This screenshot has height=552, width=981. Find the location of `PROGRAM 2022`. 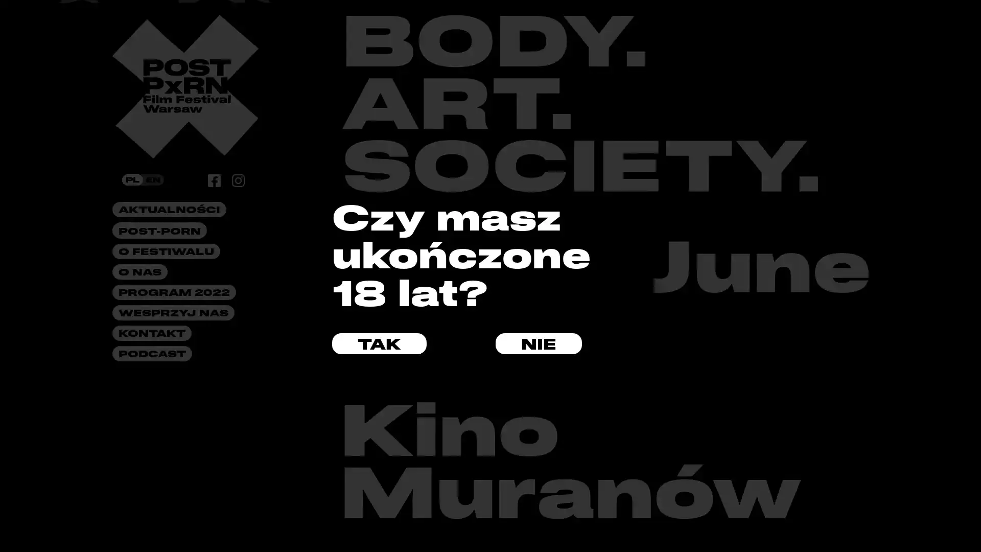

PROGRAM 2022 is located at coordinates (174, 292).